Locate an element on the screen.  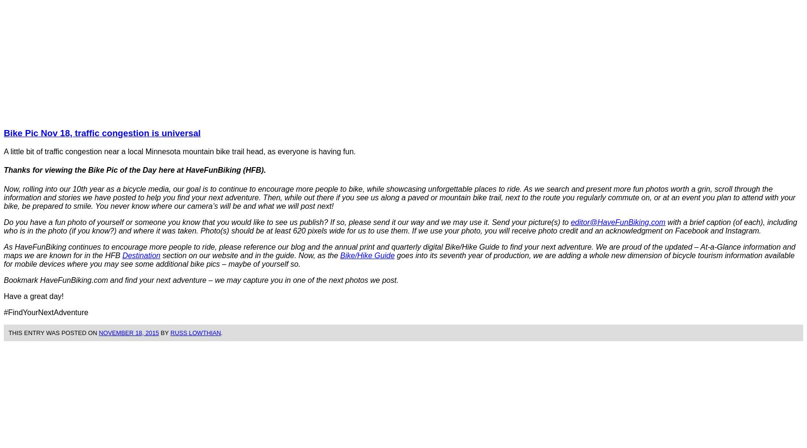
'.' is located at coordinates (221, 332).